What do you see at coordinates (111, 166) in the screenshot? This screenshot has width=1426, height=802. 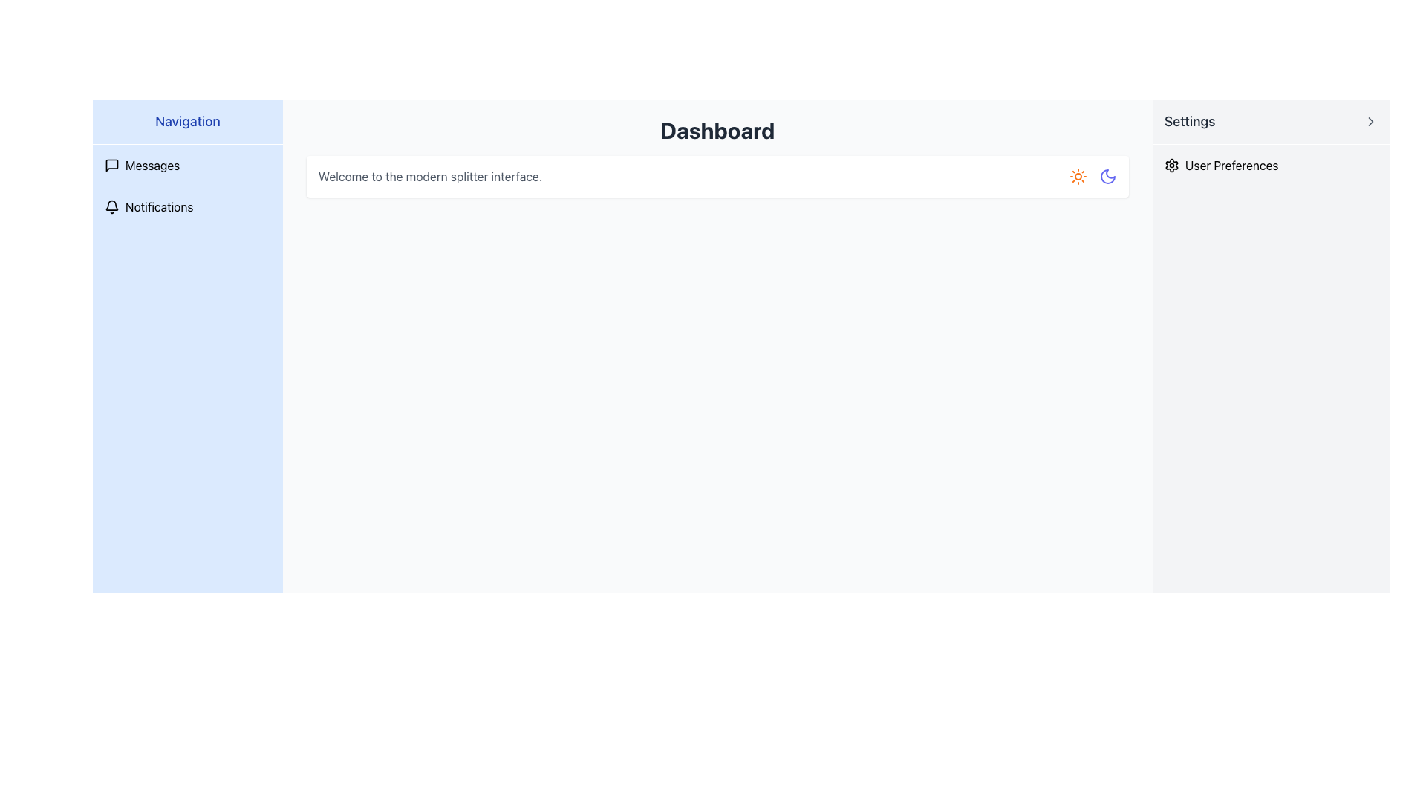 I see `the speech bubble icon located to the left of the 'Messages' text in the navigation panel` at bounding box center [111, 166].